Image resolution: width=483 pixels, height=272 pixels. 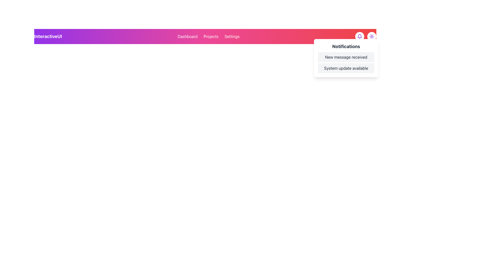 What do you see at coordinates (187, 36) in the screenshot?
I see `the 'Dashboard' link in the navigation bar` at bounding box center [187, 36].